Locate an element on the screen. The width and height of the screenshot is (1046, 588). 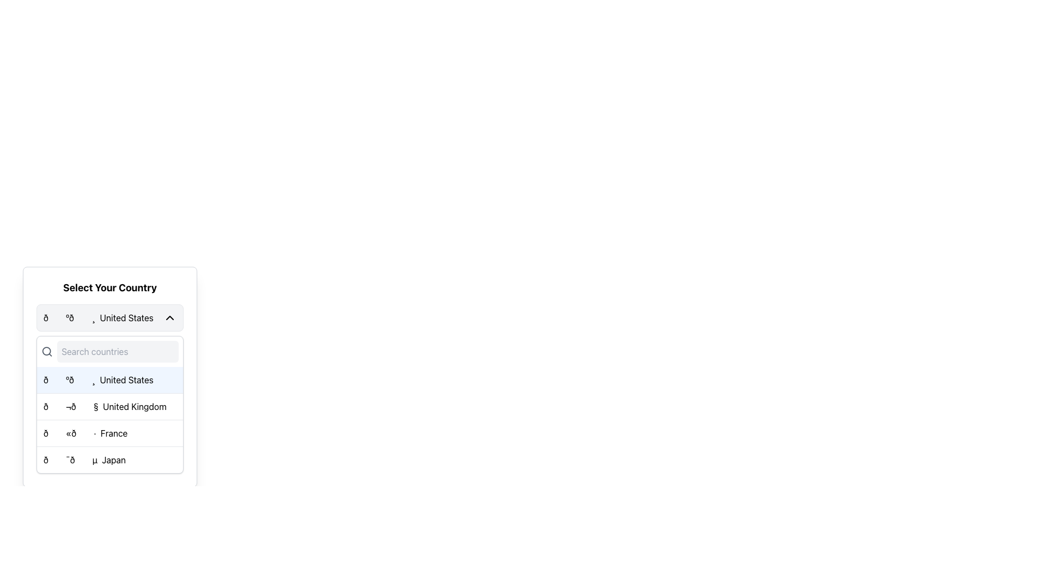
the second selectable item in the dropdown list of country options, which is currently highlighted to signify selection or focus is located at coordinates (110, 405).